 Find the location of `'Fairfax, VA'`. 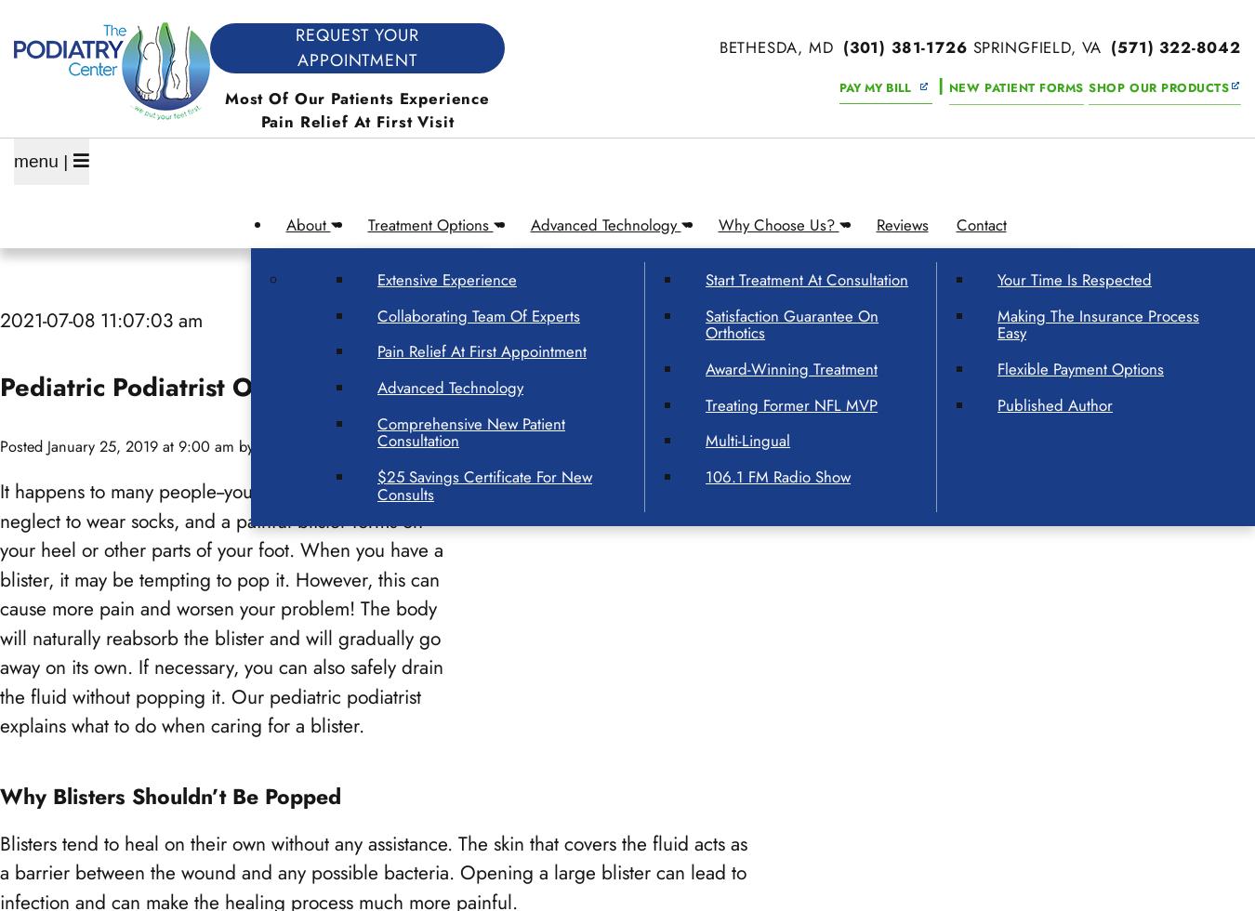

'Fairfax, VA' is located at coordinates (701, 643).